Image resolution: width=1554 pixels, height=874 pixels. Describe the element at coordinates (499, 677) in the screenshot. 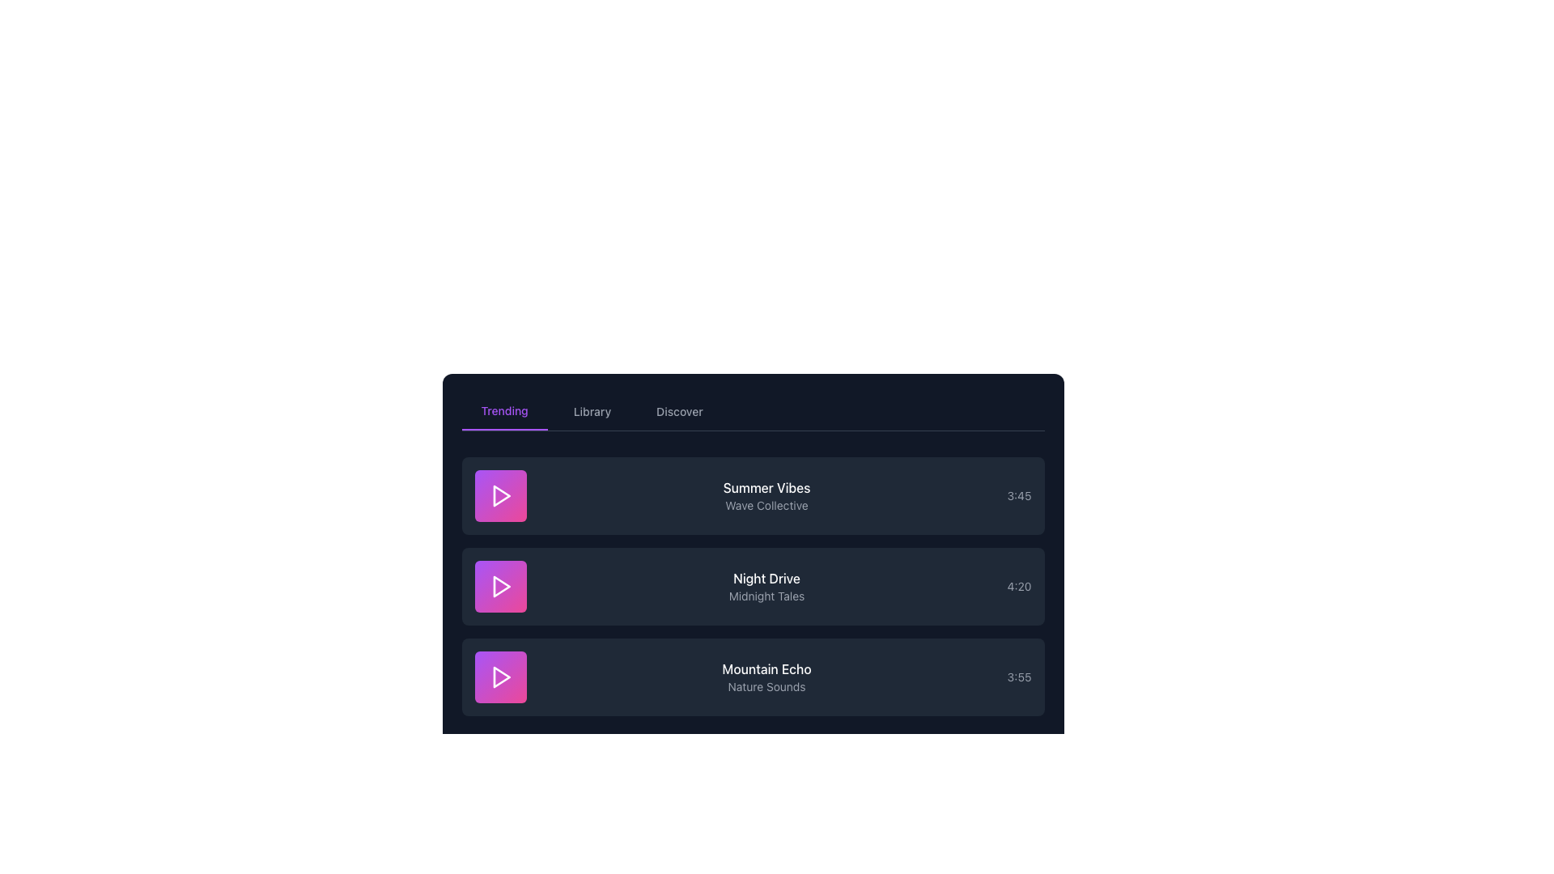

I see `the play button SVG icon located at the center of the gradient square in the bottom media item to initiate playback` at that location.